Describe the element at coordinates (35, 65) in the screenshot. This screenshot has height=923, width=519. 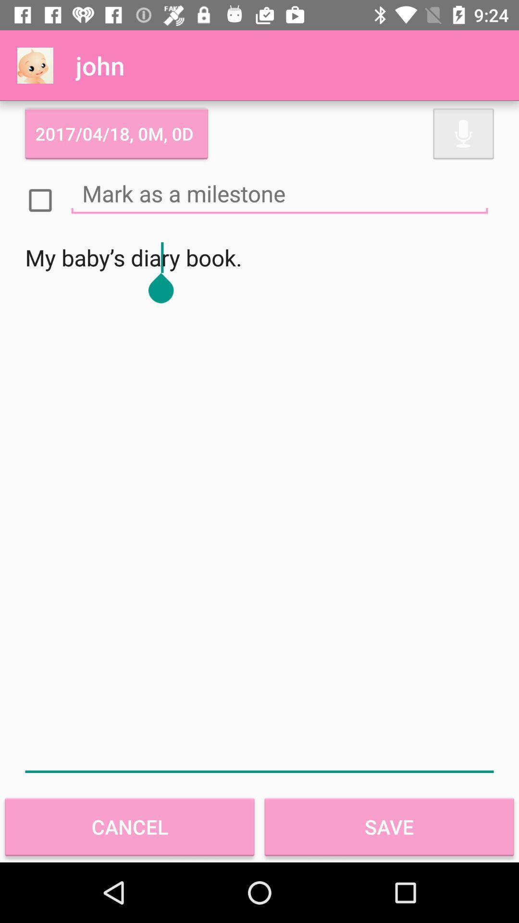
I see `the item to the left of the john item` at that location.